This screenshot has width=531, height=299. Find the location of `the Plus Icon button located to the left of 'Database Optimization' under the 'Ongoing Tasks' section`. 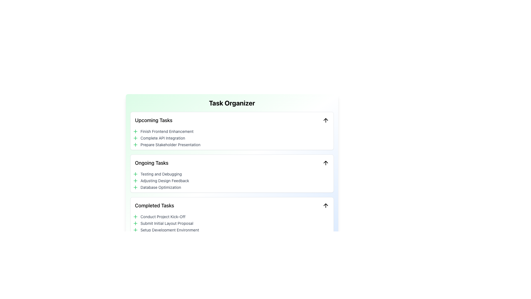

the Plus Icon button located to the left of 'Database Optimization' under the 'Ongoing Tasks' section is located at coordinates (135, 187).